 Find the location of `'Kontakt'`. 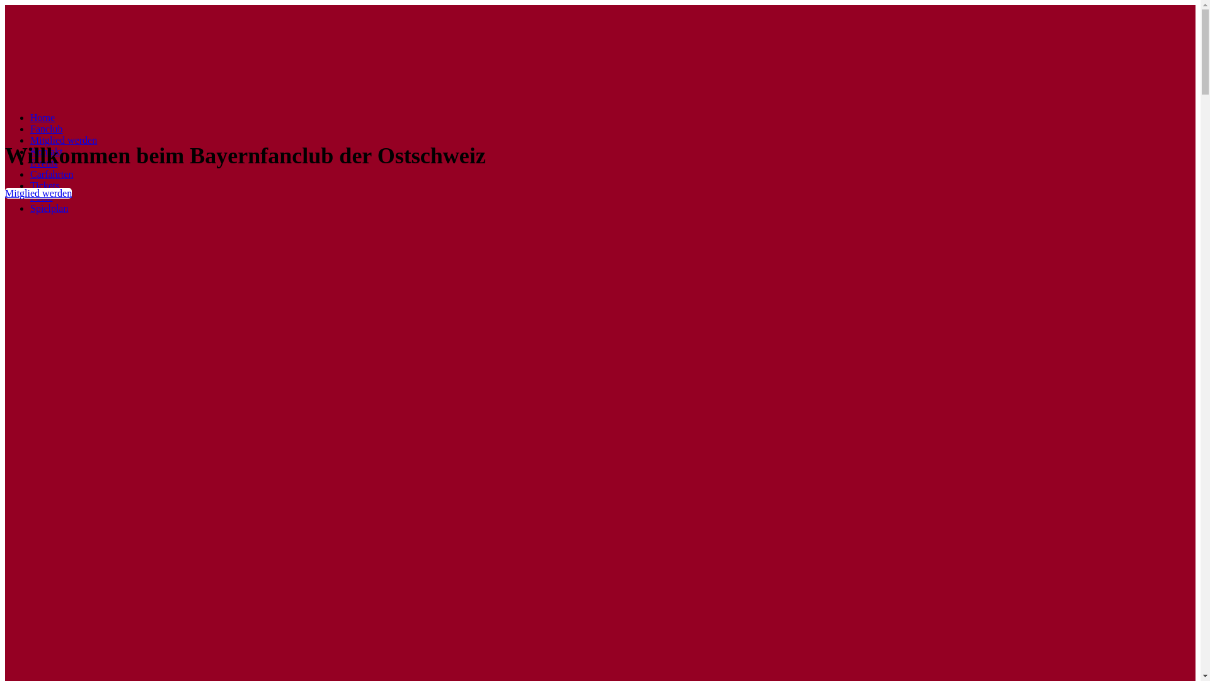

'Kontakt' is located at coordinates (46, 151).